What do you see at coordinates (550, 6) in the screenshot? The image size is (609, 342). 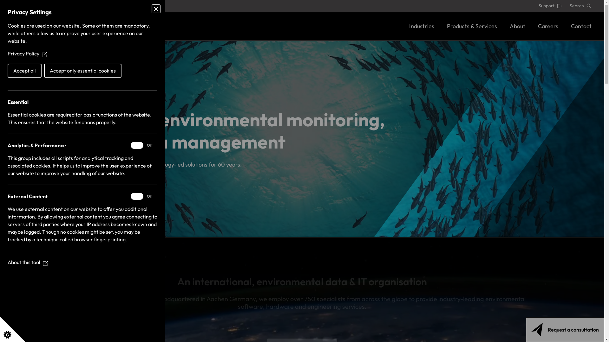 I see `'Support'` at bounding box center [550, 6].